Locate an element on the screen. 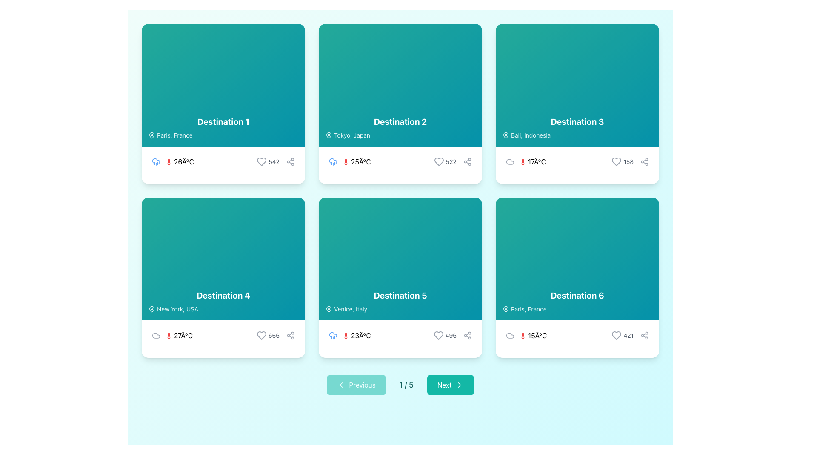 The height and width of the screenshot is (460, 817). displayed information on the Informative Card labeled 'Destination 3' with the subtitle 'Bali, Indonesia', located in the third column of the first row is located at coordinates (577, 103).